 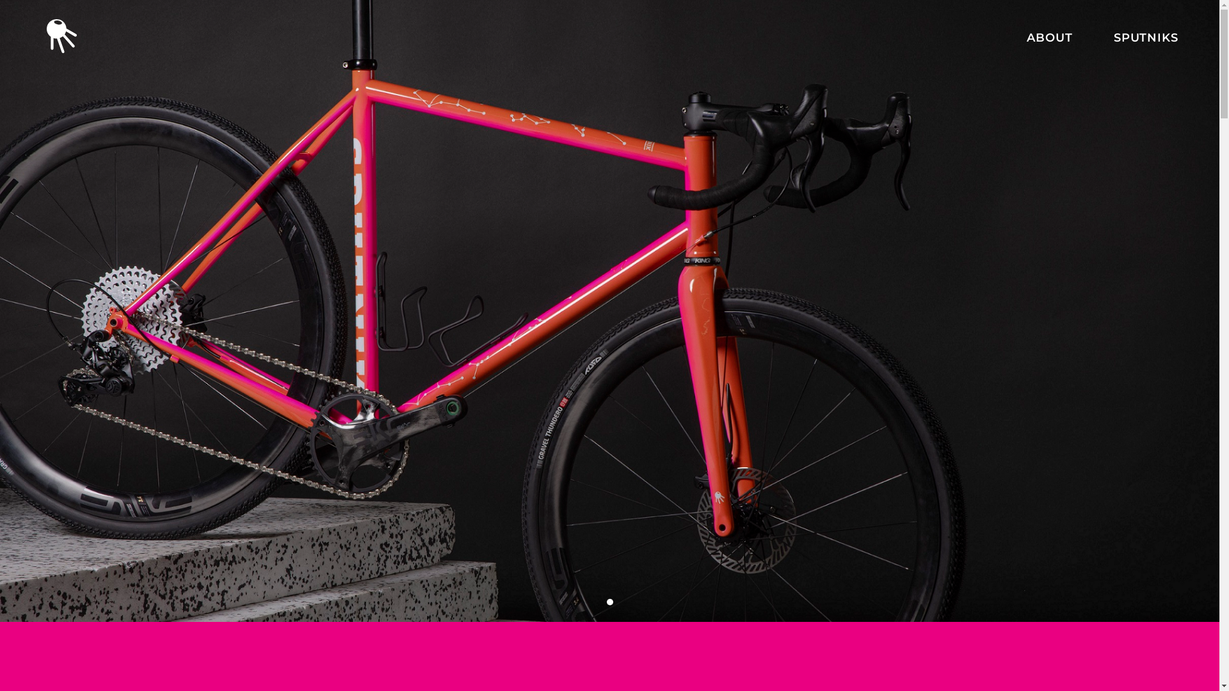 What do you see at coordinates (627, 506) in the screenshot?
I see `'About'` at bounding box center [627, 506].